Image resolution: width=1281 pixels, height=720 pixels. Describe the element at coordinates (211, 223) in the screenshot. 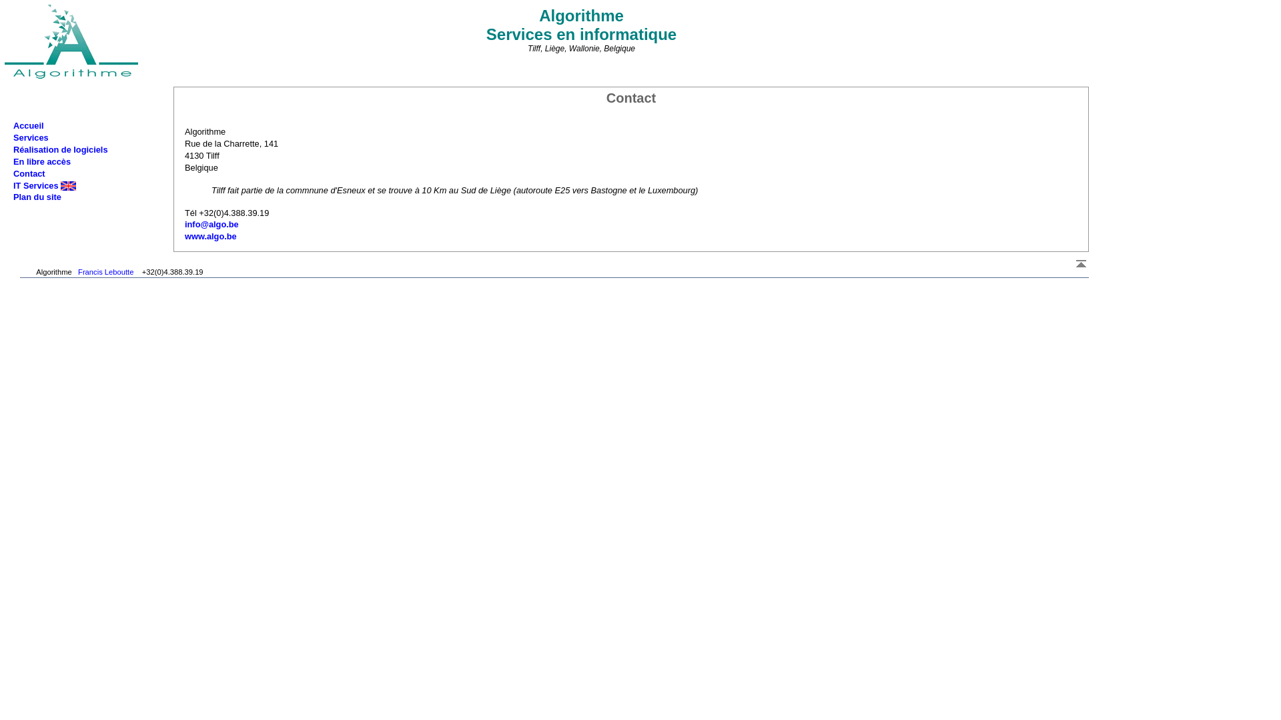

I see `'info@algo.be'` at that location.